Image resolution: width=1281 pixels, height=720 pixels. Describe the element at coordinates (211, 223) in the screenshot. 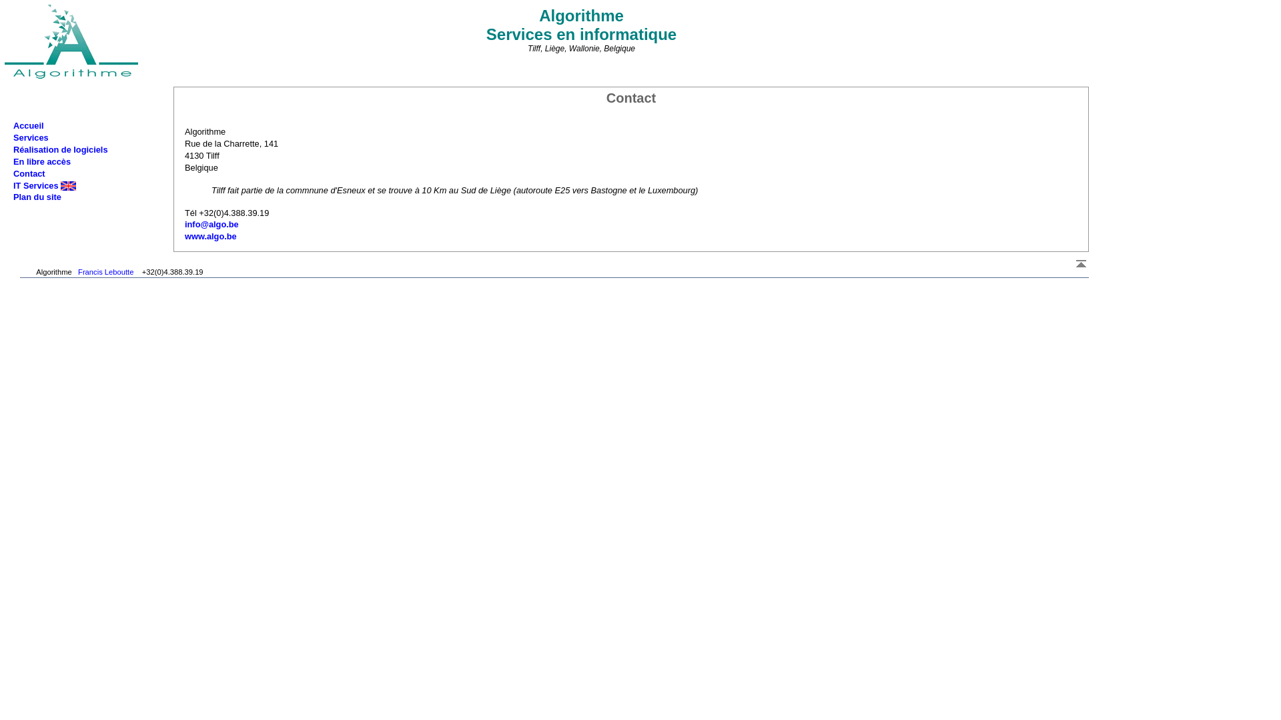

I see `'info@algo.be'` at that location.